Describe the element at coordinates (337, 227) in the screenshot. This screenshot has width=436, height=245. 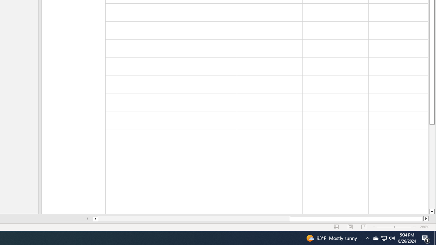
I see `'Normal'` at that location.